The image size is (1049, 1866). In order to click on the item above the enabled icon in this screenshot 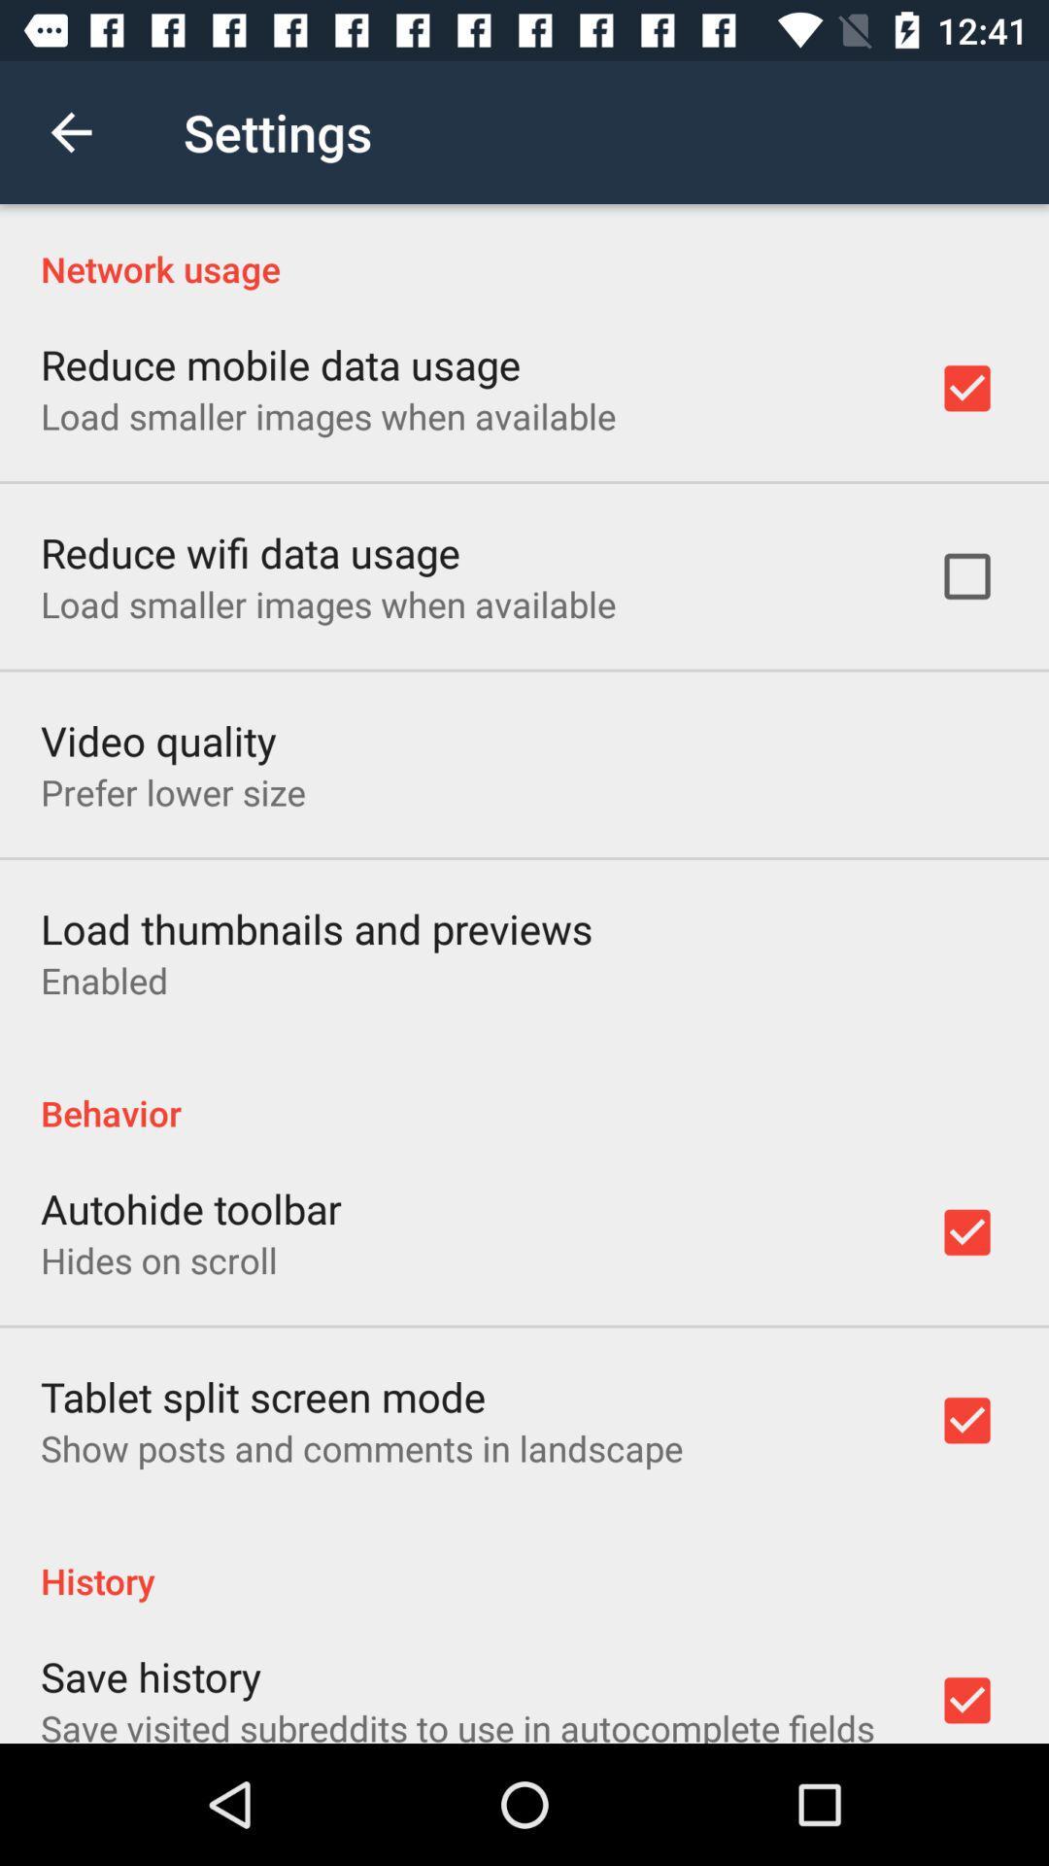, I will do `click(316, 927)`.